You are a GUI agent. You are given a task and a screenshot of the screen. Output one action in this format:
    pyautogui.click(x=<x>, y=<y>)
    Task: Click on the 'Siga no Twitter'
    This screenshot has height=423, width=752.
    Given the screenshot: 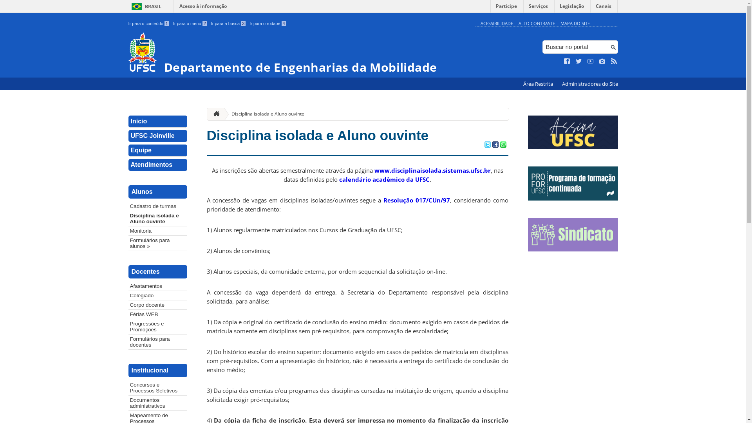 What is the action you would take?
    pyautogui.click(x=575, y=61)
    